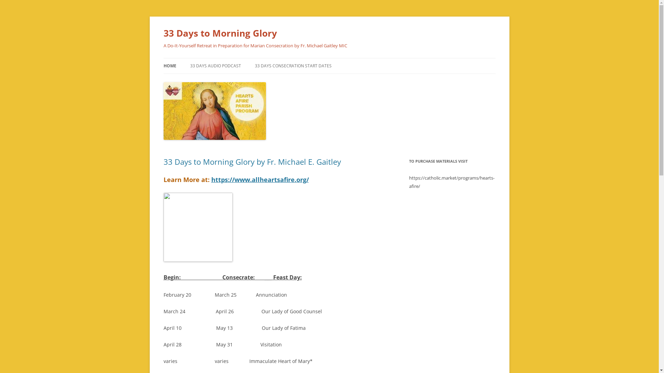  What do you see at coordinates (169, 66) in the screenshot?
I see `'HOME'` at bounding box center [169, 66].